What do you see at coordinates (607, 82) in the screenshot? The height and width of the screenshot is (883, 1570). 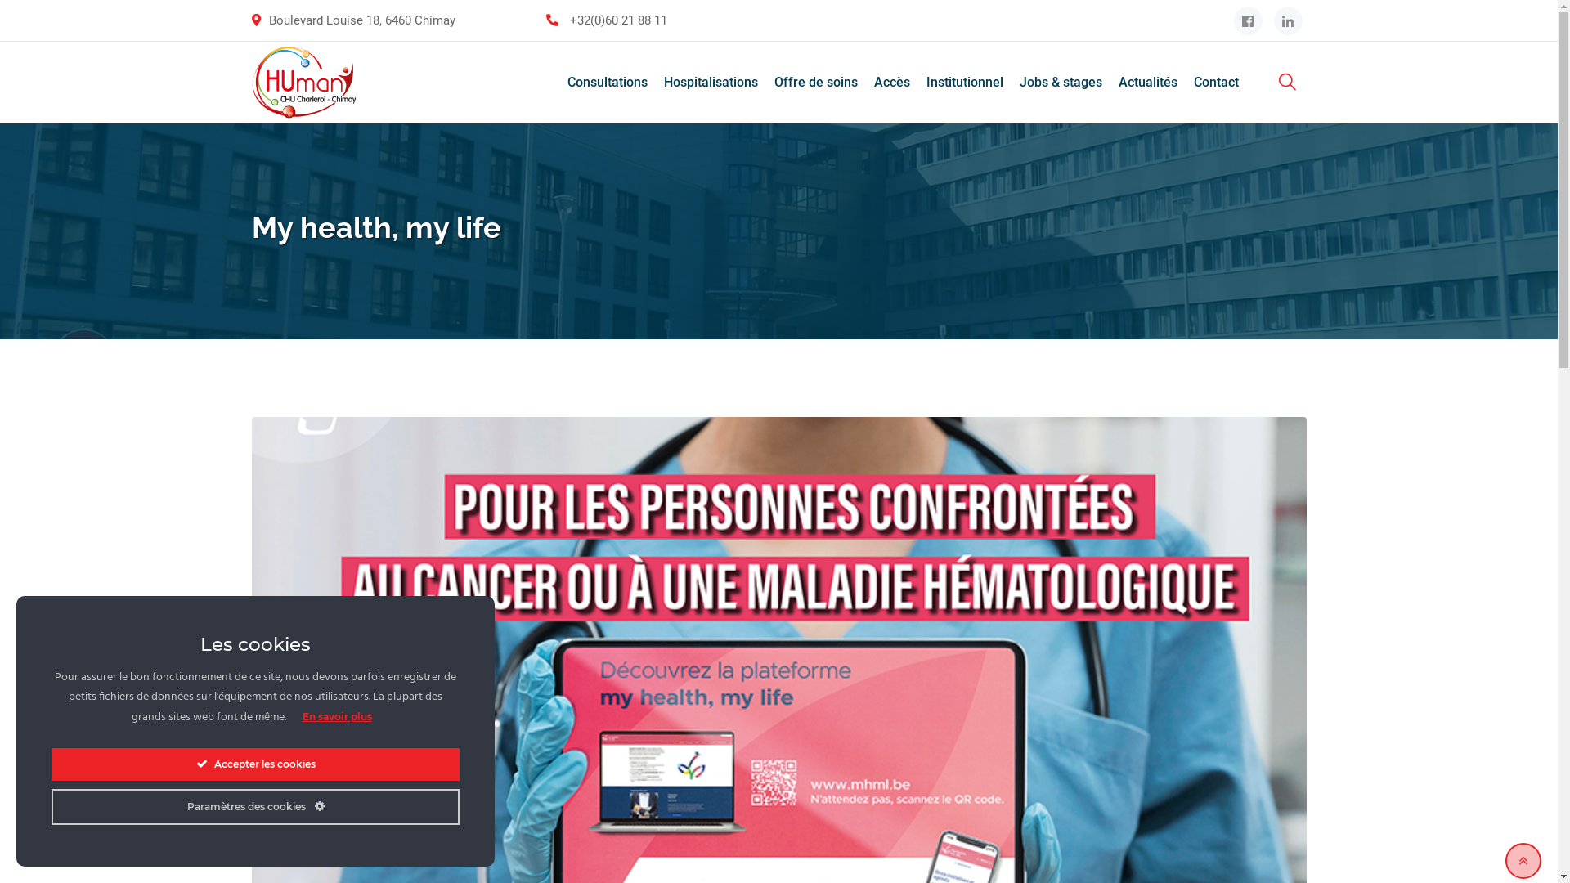 I see `'Consultations'` at bounding box center [607, 82].